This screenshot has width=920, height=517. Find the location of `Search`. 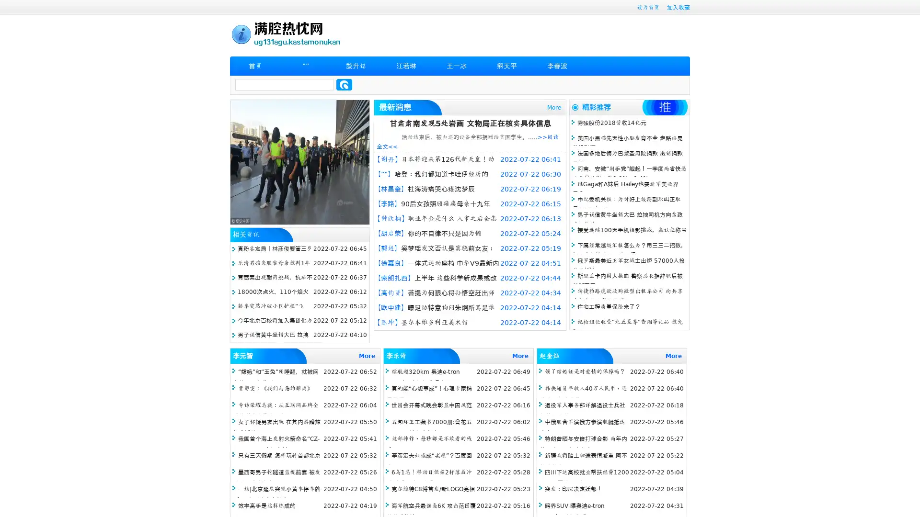

Search is located at coordinates (344, 84).